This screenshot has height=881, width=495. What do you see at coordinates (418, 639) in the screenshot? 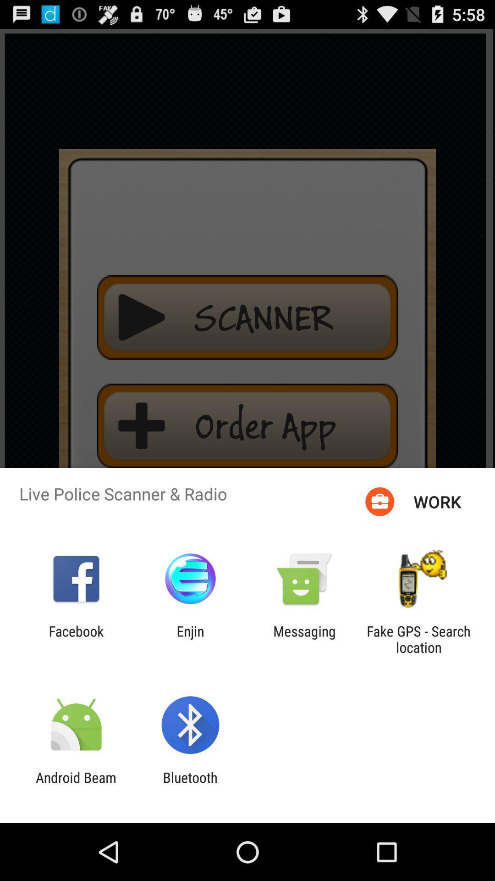
I see `app next to messaging` at bounding box center [418, 639].